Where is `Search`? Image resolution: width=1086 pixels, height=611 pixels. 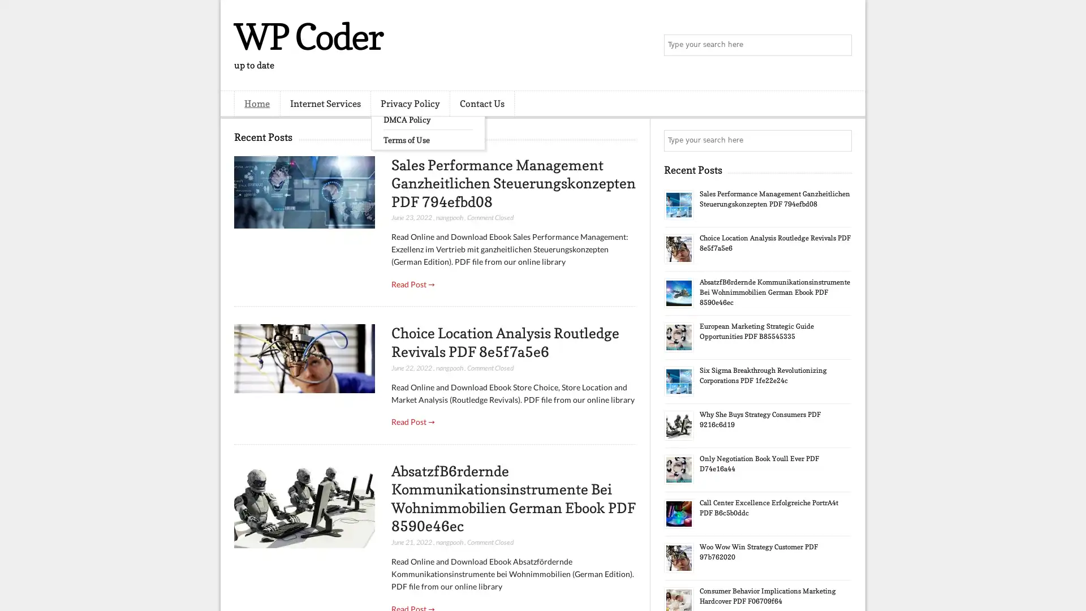
Search is located at coordinates (840, 45).